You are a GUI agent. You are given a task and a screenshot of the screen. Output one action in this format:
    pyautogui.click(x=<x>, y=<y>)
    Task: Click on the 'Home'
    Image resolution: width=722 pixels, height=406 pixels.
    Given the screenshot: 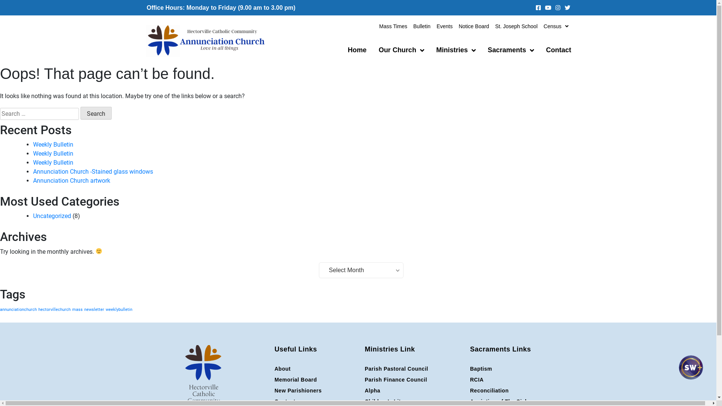 What is the action you would take?
    pyautogui.click(x=357, y=50)
    